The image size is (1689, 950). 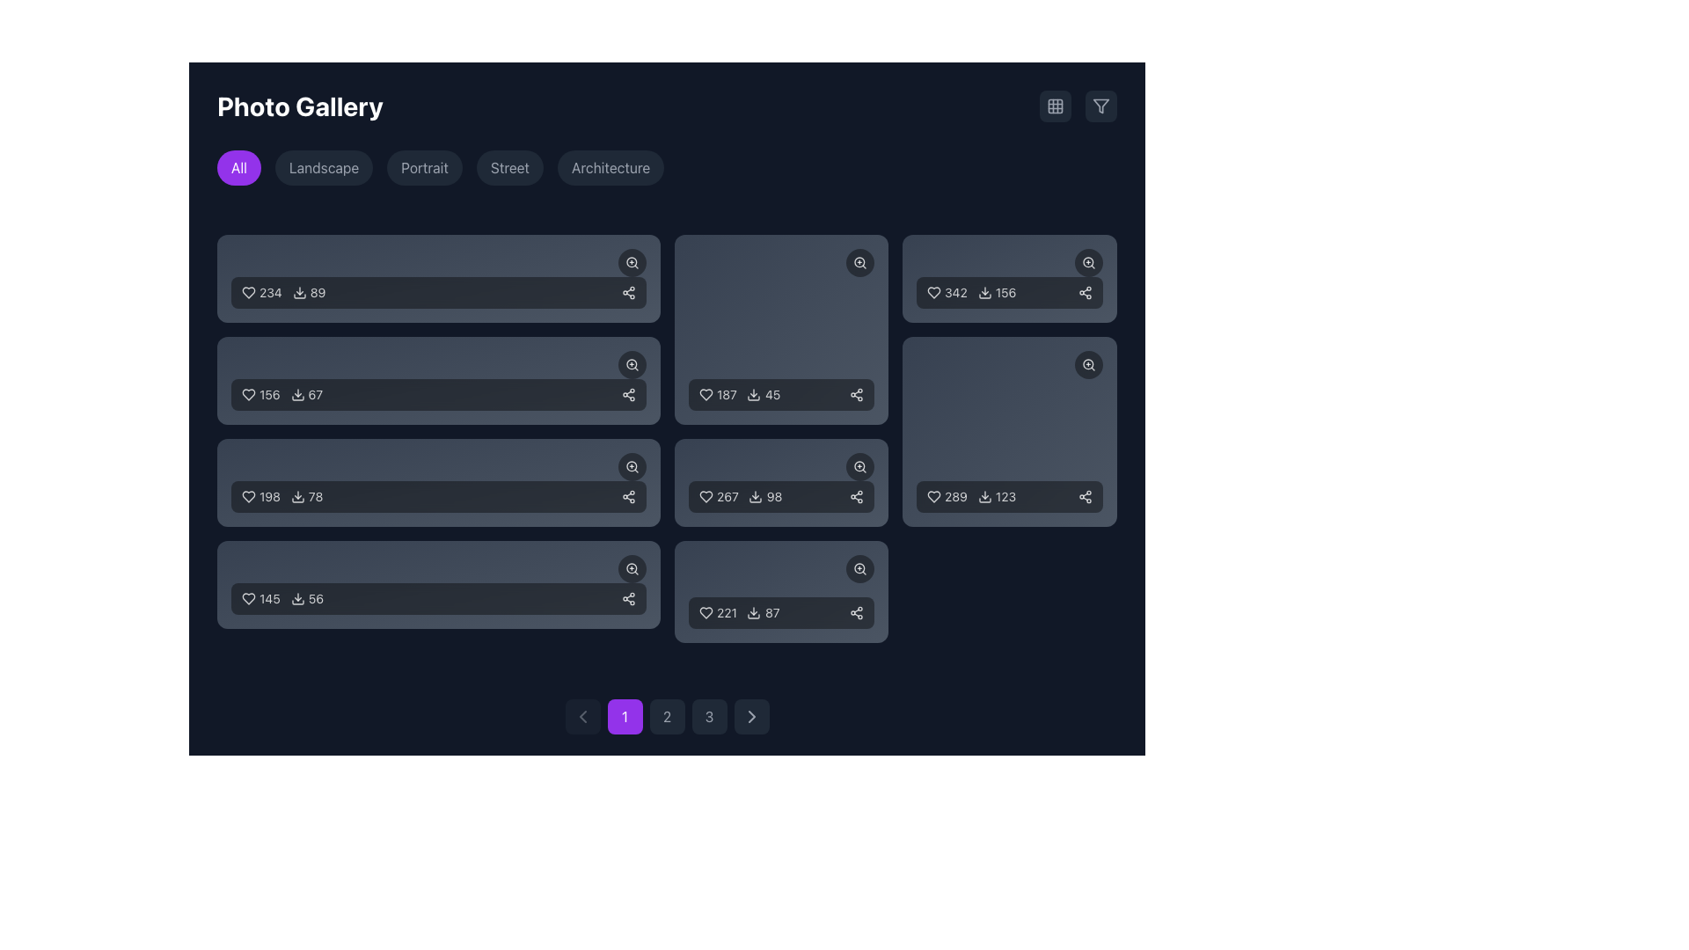 What do you see at coordinates (706, 393) in the screenshot?
I see `the heart icon located in the card with numbers '187' and '45'` at bounding box center [706, 393].